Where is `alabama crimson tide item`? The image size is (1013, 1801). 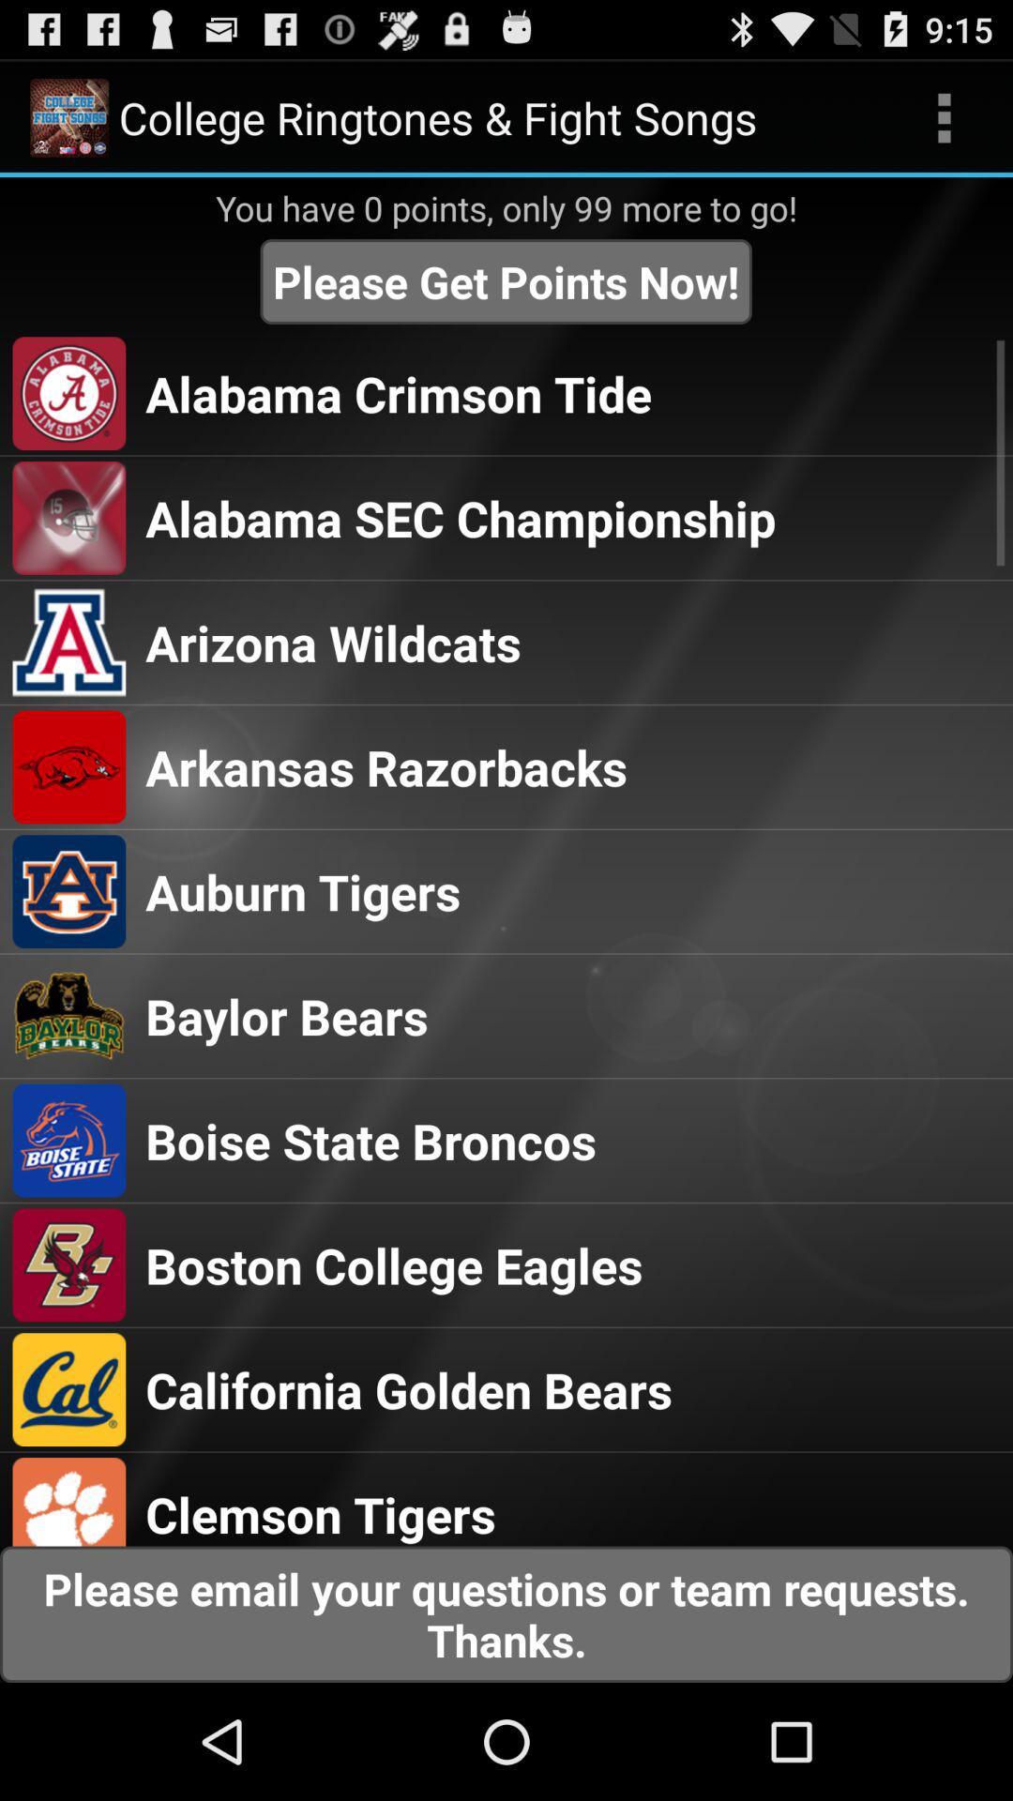
alabama crimson tide item is located at coordinates (398, 392).